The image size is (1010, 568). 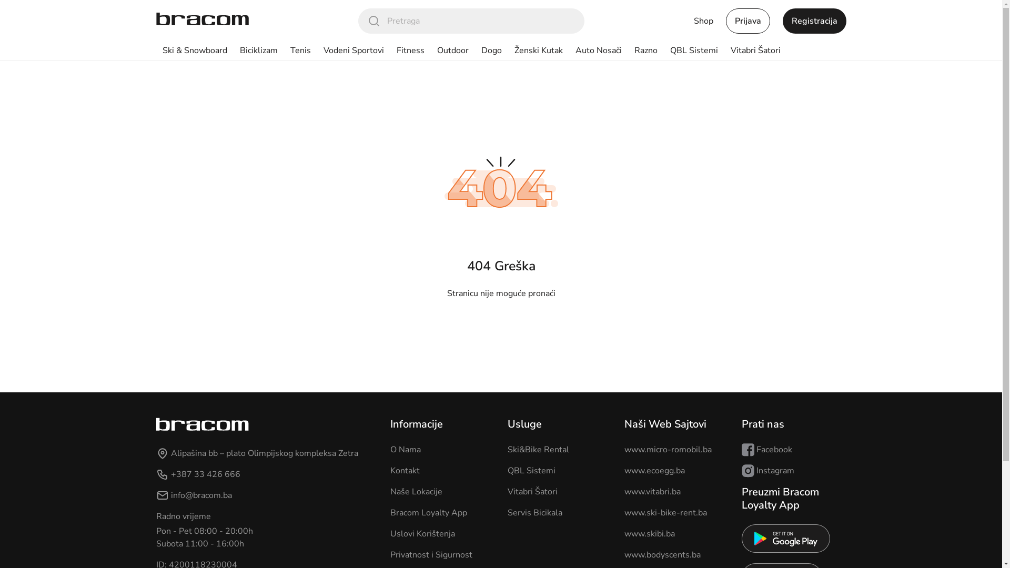 I want to click on 'www.ecoegg.ba', so click(x=654, y=470).